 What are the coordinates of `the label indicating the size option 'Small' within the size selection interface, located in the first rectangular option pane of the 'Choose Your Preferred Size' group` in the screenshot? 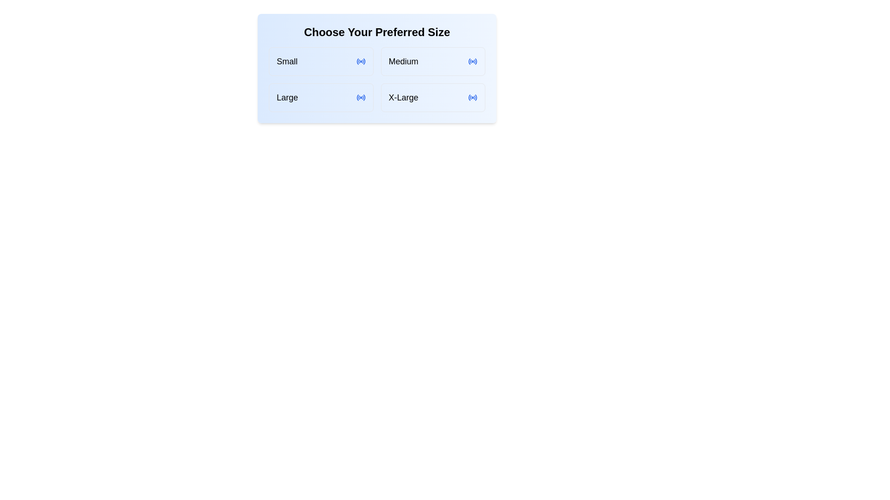 It's located at (286, 61).